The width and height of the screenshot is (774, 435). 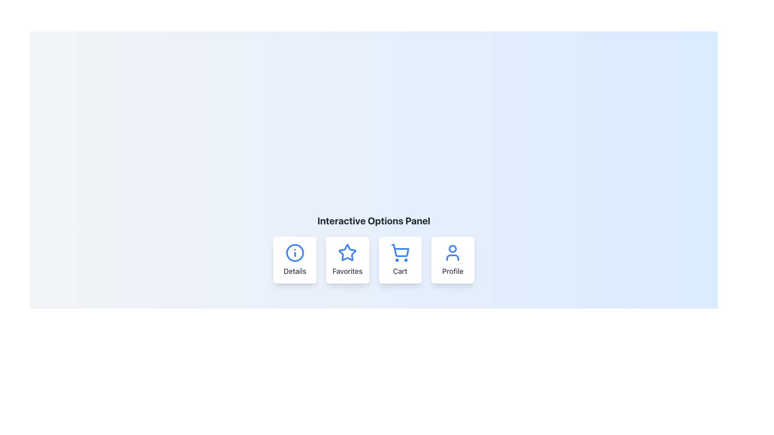 What do you see at coordinates (373, 220) in the screenshot?
I see `the text label or header element displaying 'Interactive Options Panel', which is centrally positioned above the grid layout of options` at bounding box center [373, 220].